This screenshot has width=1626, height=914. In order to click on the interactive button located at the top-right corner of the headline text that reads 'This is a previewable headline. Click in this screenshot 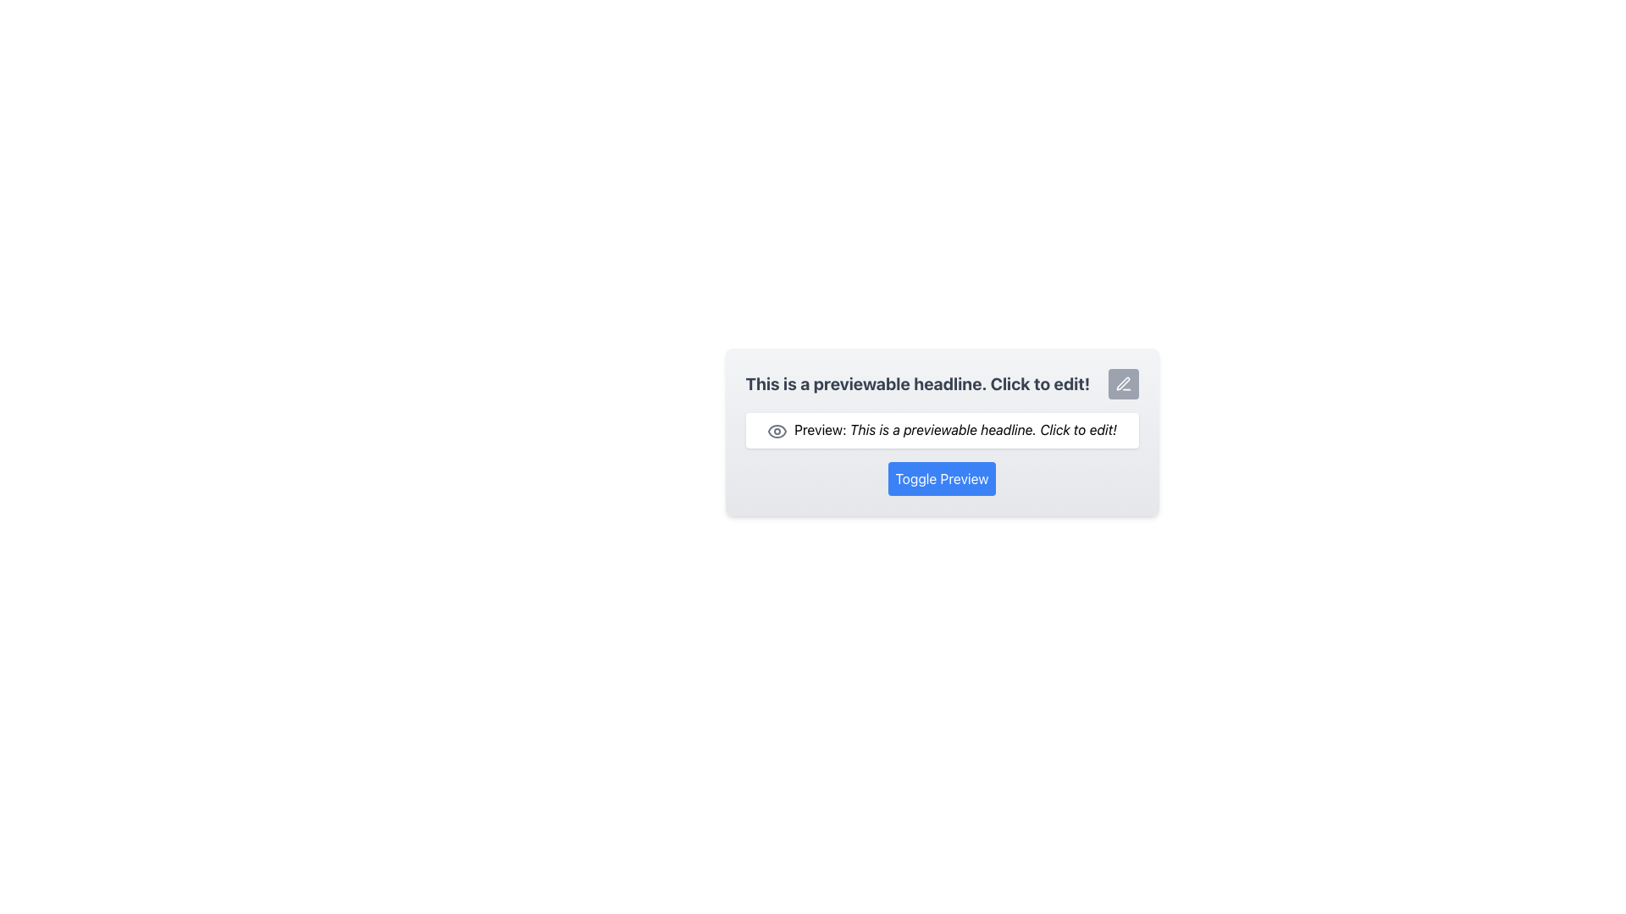, I will do `click(1123, 384)`.